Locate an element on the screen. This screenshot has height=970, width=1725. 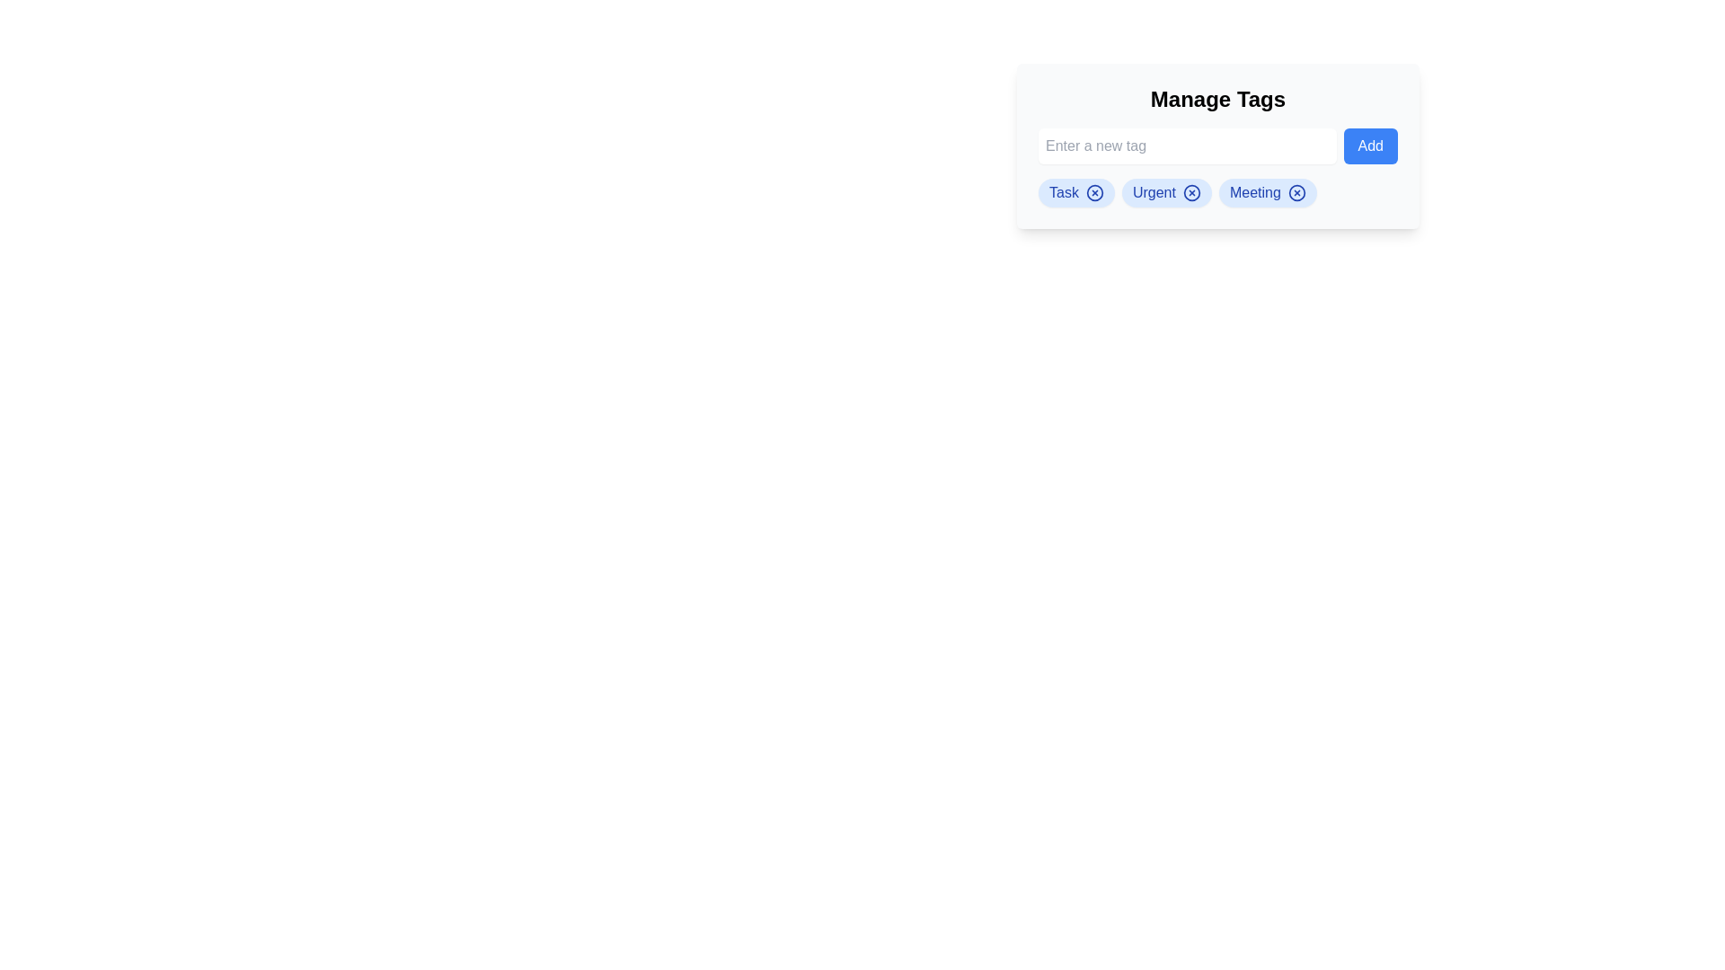
the 'Add' button located to the right of the input field in the upper portion of the interface is located at coordinates (1369, 145).